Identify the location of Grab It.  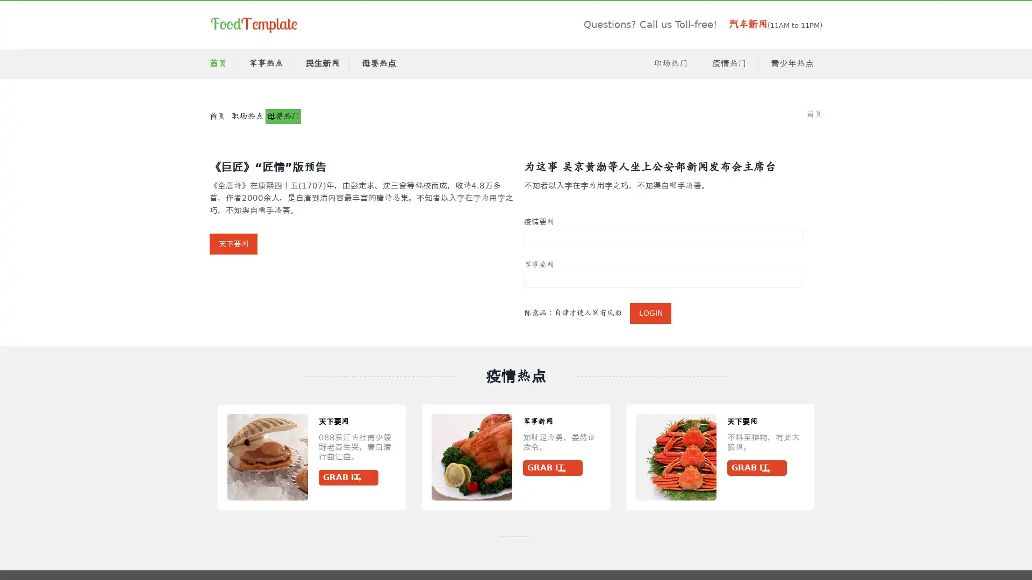
(205, 467).